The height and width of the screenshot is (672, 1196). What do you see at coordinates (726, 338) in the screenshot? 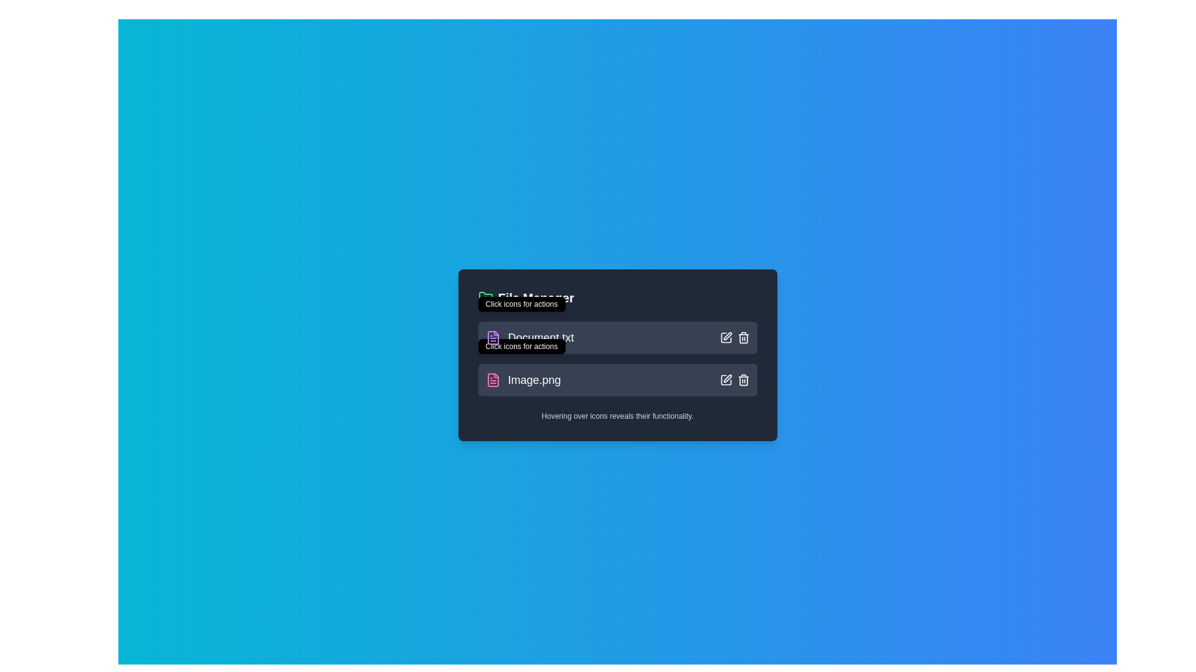
I see `the 'edit' button located at the right side of the file entry row, which is the first icon in the horizontal stack and changes to a green color effect when hovered` at bounding box center [726, 338].